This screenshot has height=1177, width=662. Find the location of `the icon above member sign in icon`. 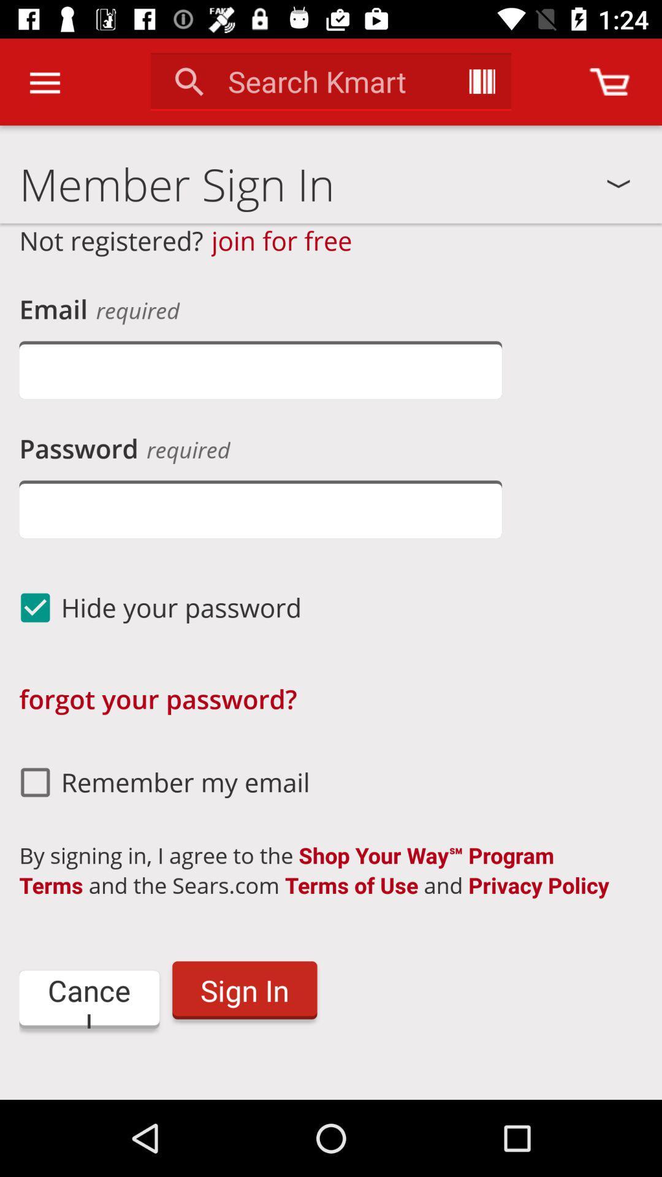

the icon above member sign in icon is located at coordinates (44, 82).